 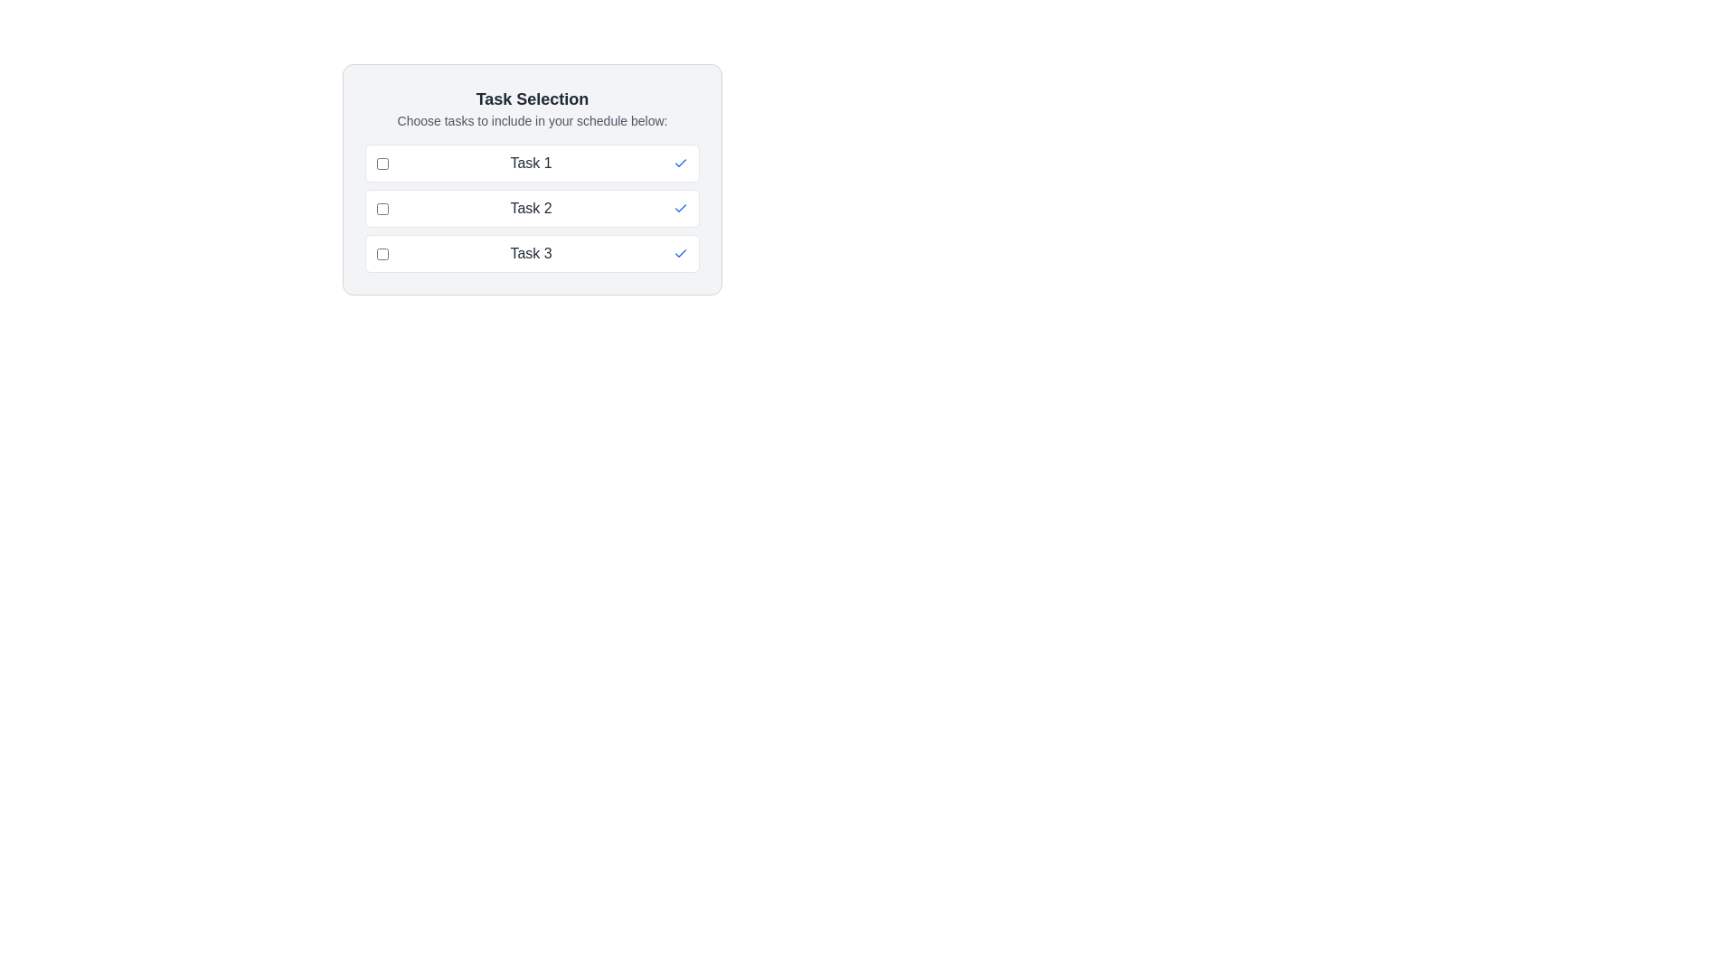 What do you see at coordinates (532, 254) in the screenshot?
I see `the checkbox of the interactive list item labeled 'Task 3'` at bounding box center [532, 254].